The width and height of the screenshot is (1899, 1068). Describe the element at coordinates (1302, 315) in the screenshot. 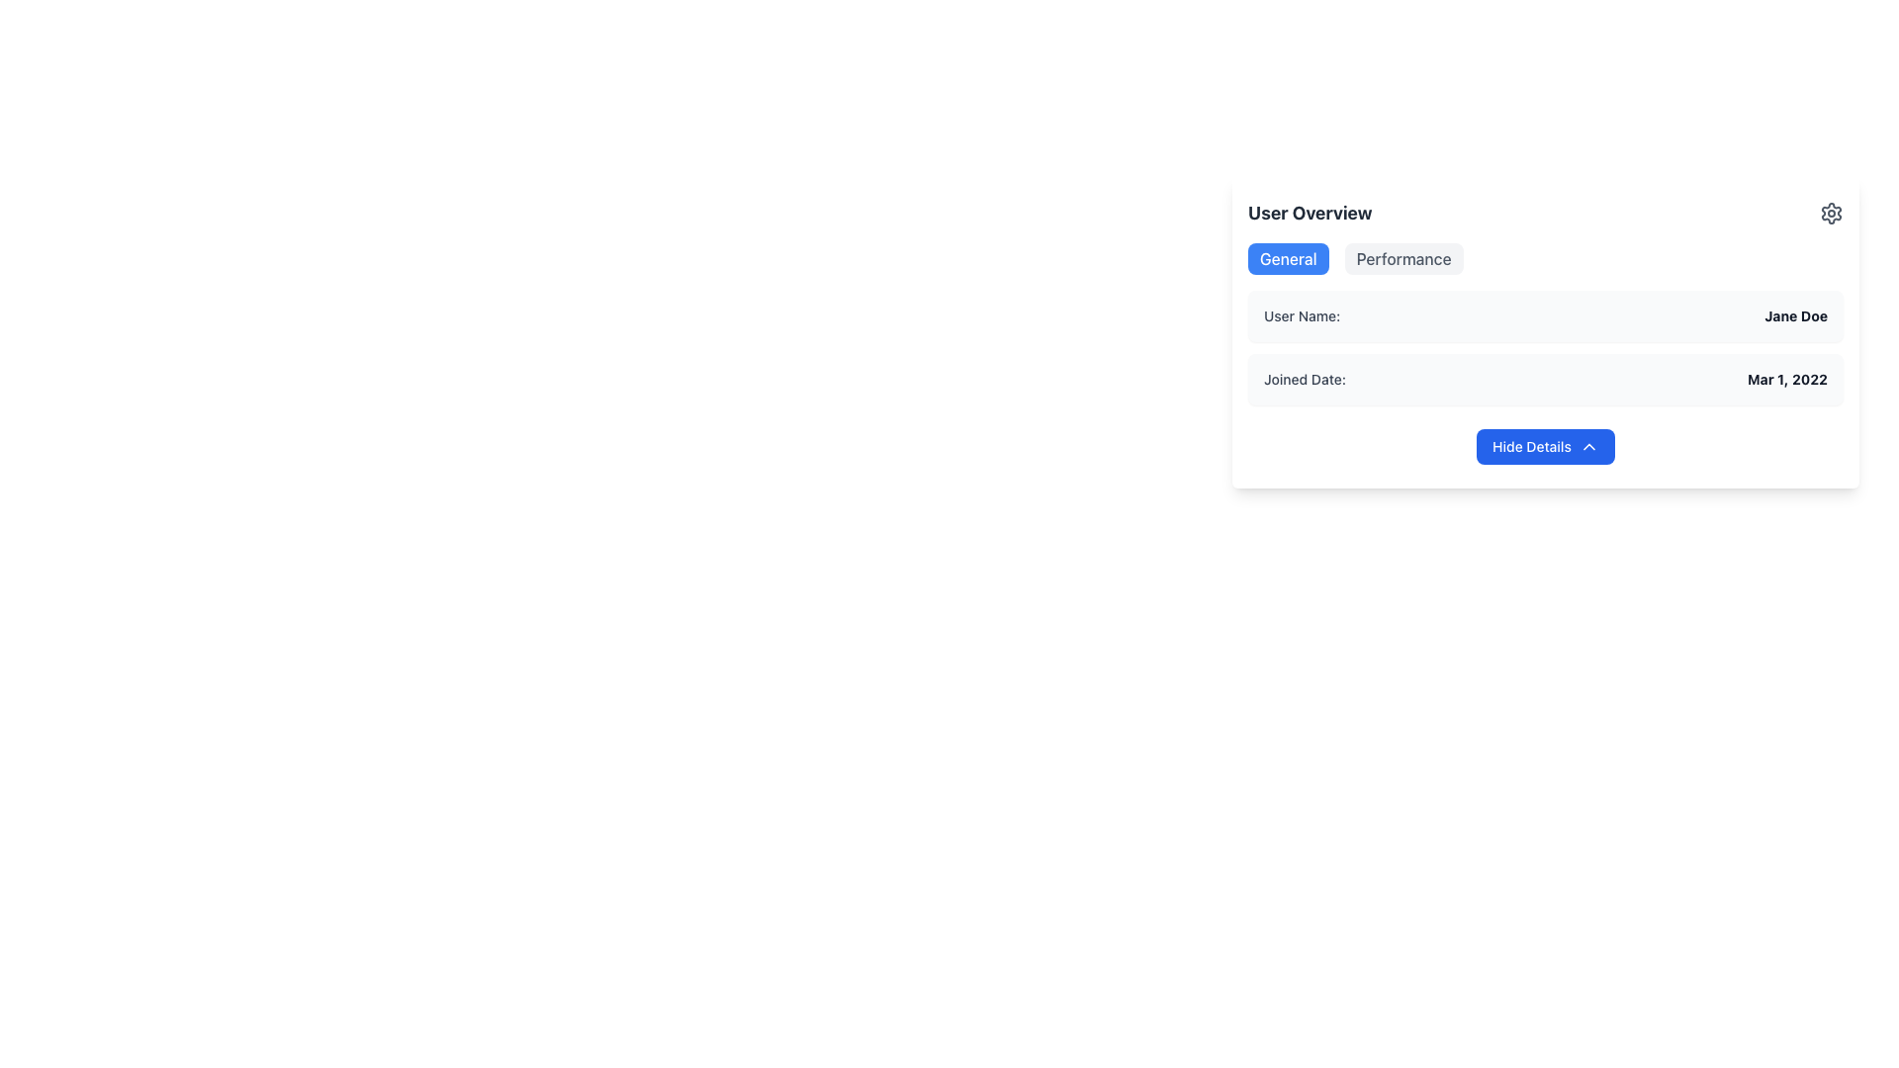

I see `the text label 'User Name:' displayed in gray color with a medium-sized, sans-serif font, located on the left side of the user profile overview panel` at that location.